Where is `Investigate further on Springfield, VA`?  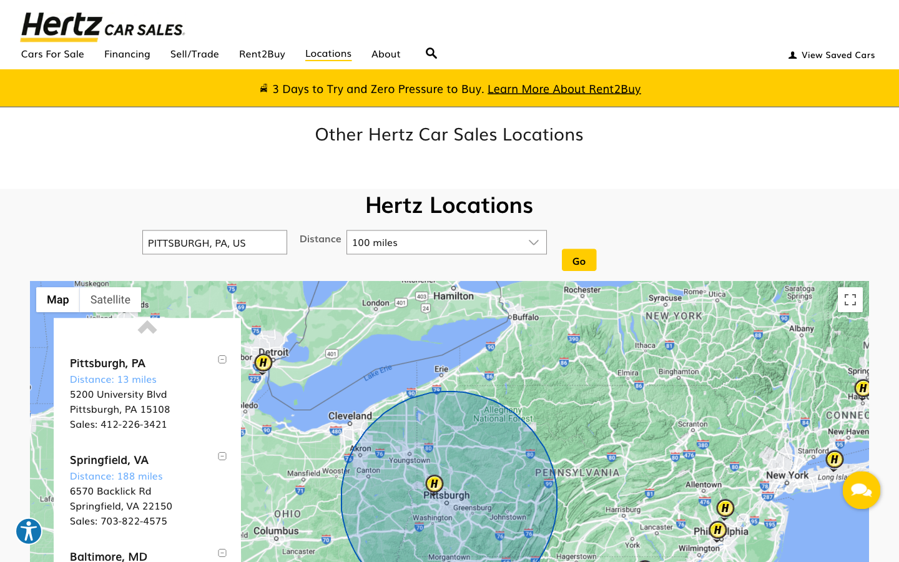 Investigate further on Springfield, VA is located at coordinates (108, 458).